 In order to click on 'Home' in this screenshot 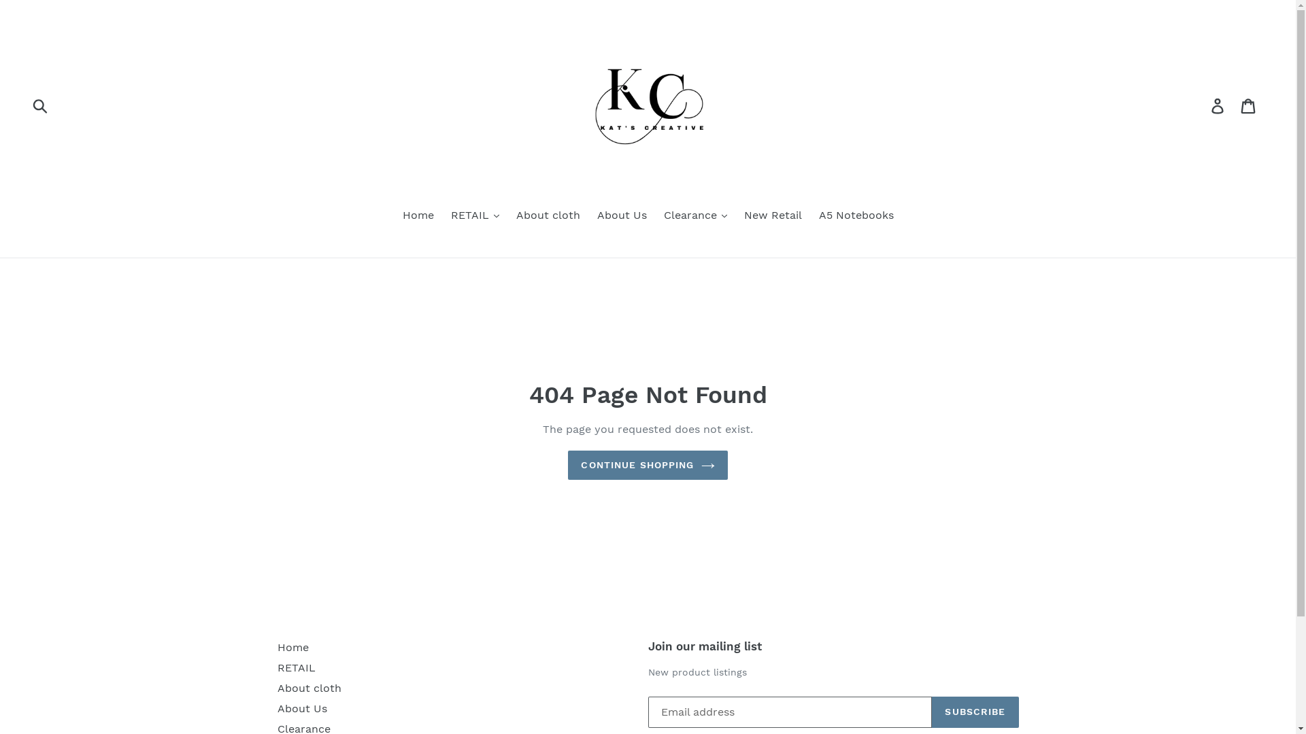, I will do `click(417, 215)`.